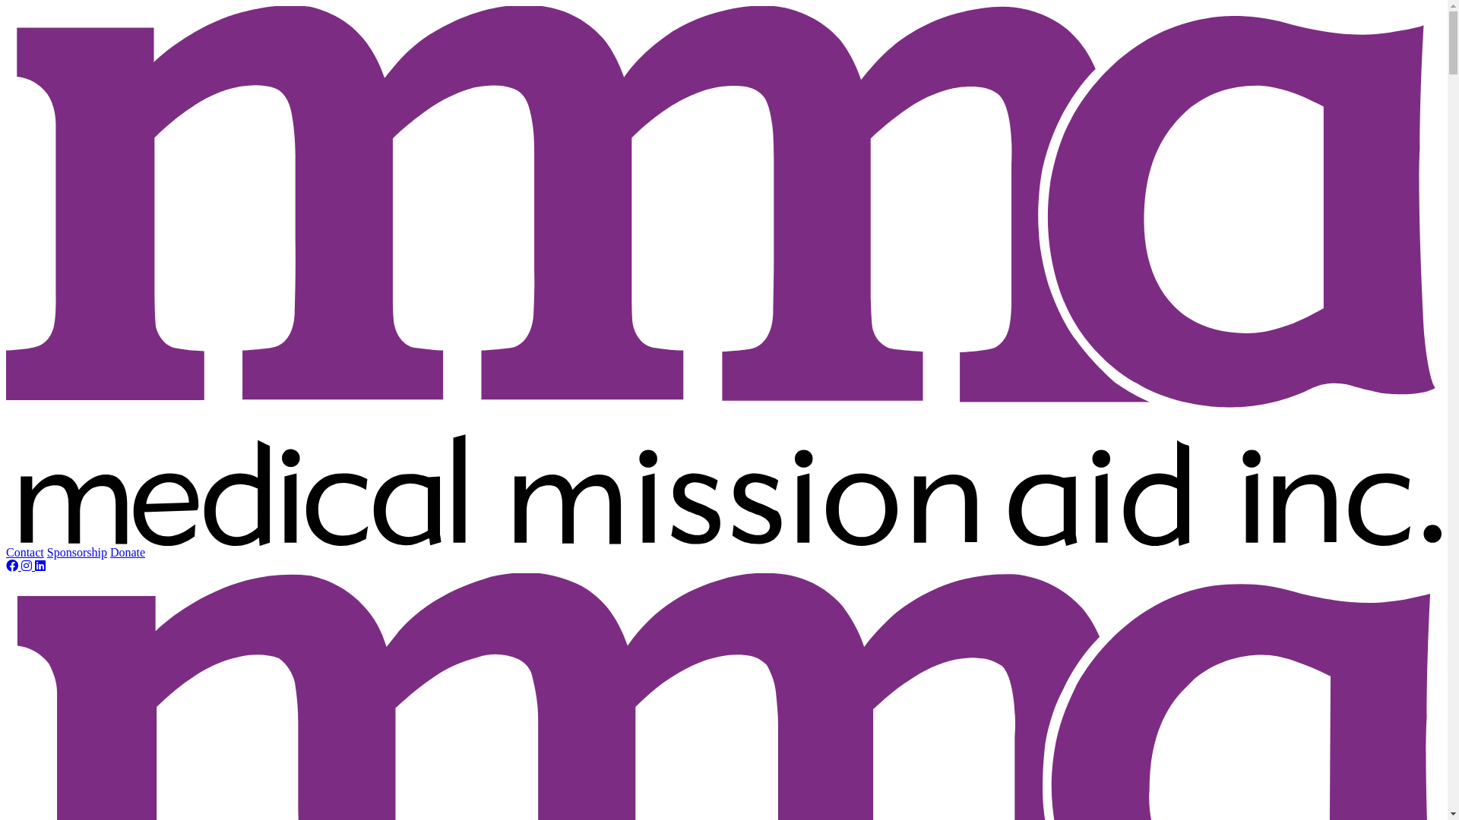 This screenshot has height=820, width=1459. What do you see at coordinates (128, 552) in the screenshot?
I see `'Donate'` at bounding box center [128, 552].